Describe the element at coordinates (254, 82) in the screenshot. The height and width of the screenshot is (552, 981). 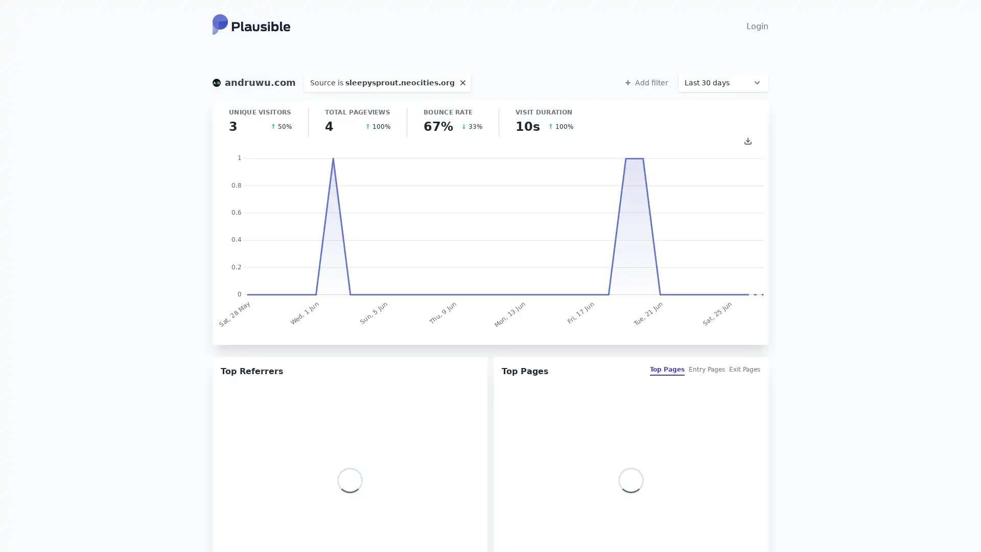
I see `andruwu.com` at that location.